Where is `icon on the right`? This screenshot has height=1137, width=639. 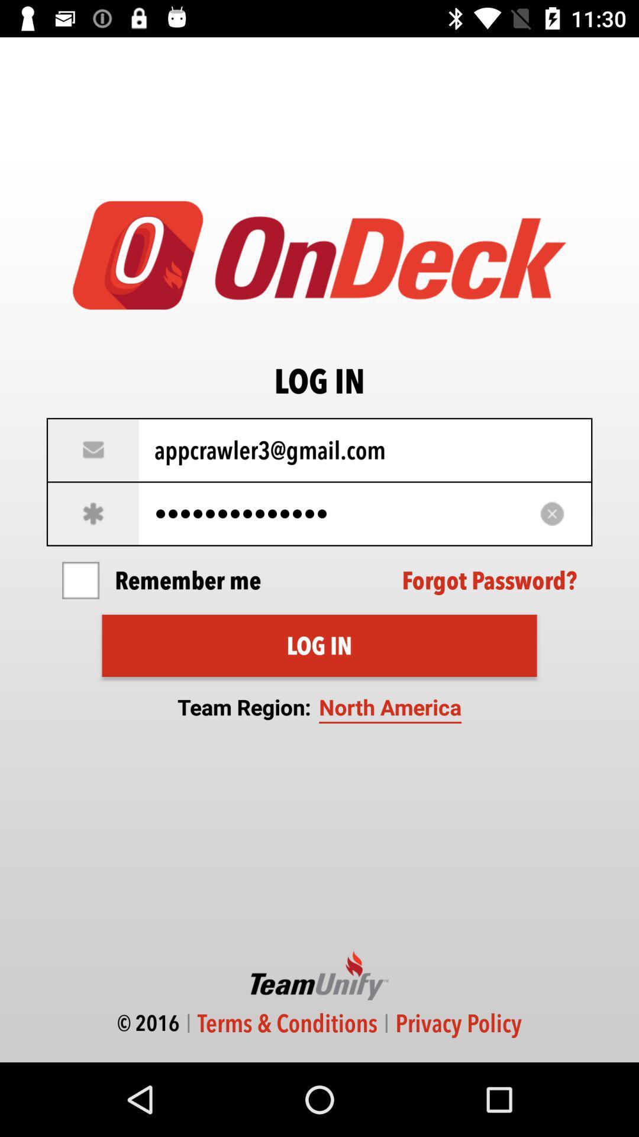
icon on the right is located at coordinates (489, 580).